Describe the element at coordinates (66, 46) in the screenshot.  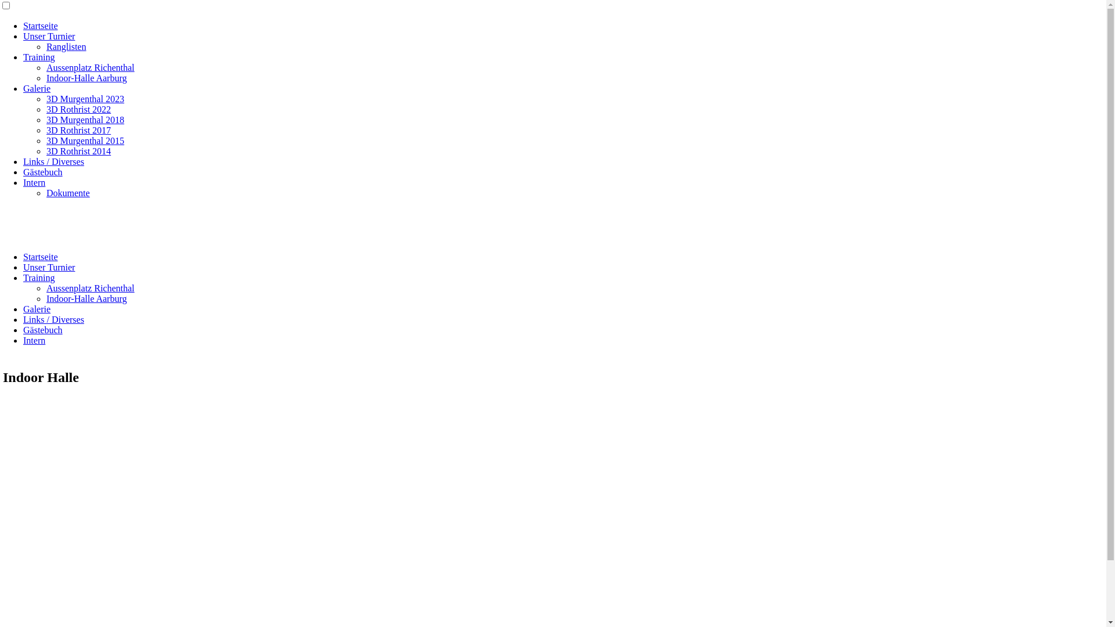
I see `'Ranglisten'` at that location.